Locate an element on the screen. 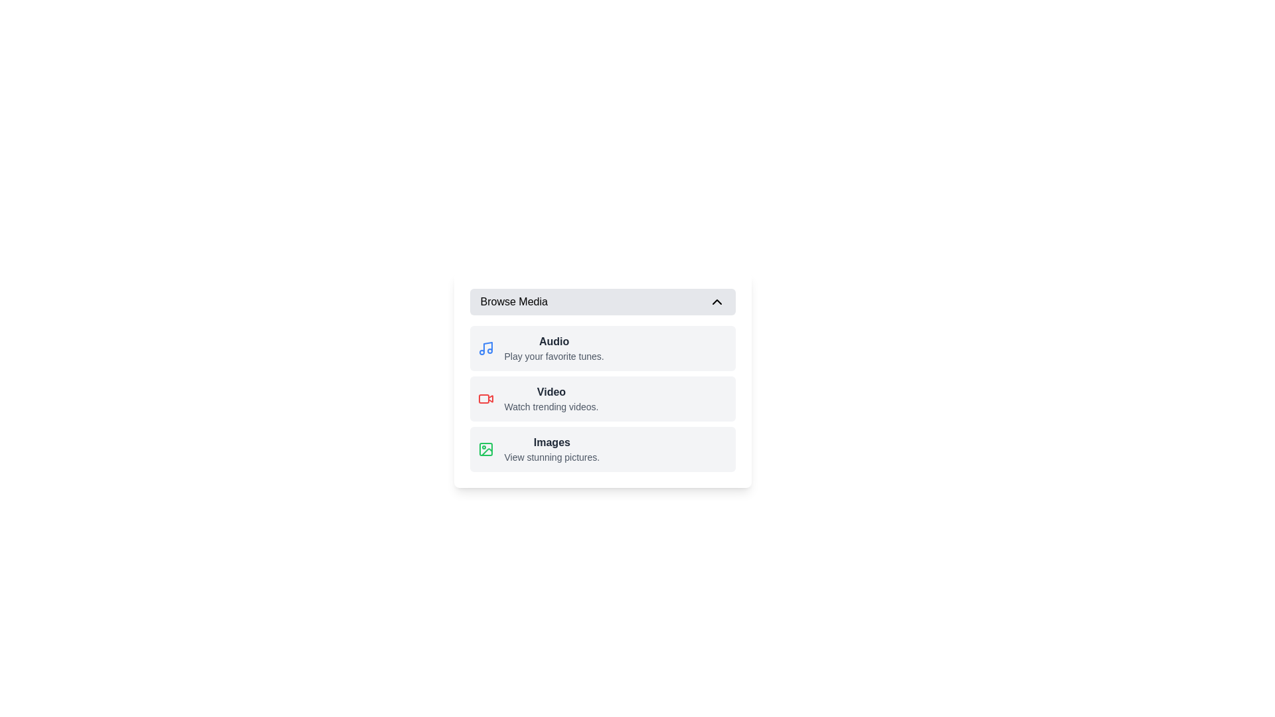 The height and width of the screenshot is (717, 1275). the red rectangular icon located to the left of the 'Video' option text is located at coordinates (483, 398).